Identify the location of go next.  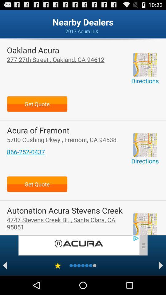
(161, 265).